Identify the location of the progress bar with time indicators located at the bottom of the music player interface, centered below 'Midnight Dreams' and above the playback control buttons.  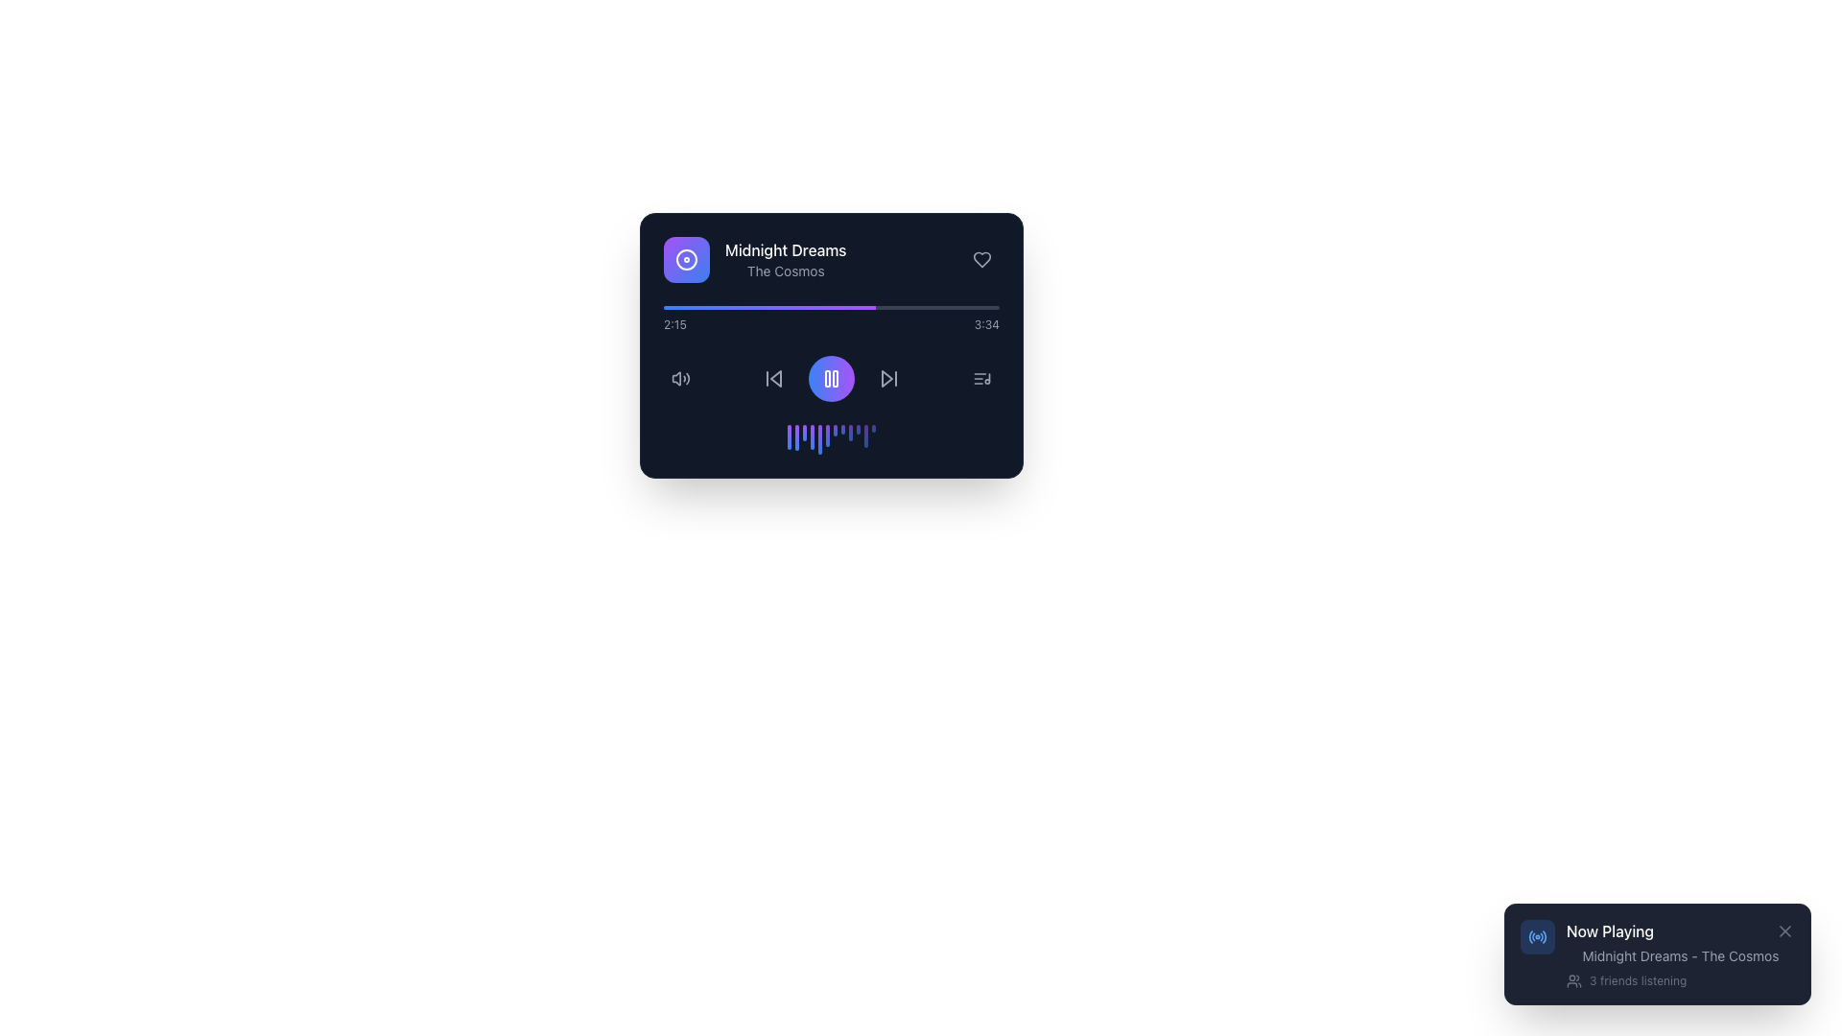
(832, 318).